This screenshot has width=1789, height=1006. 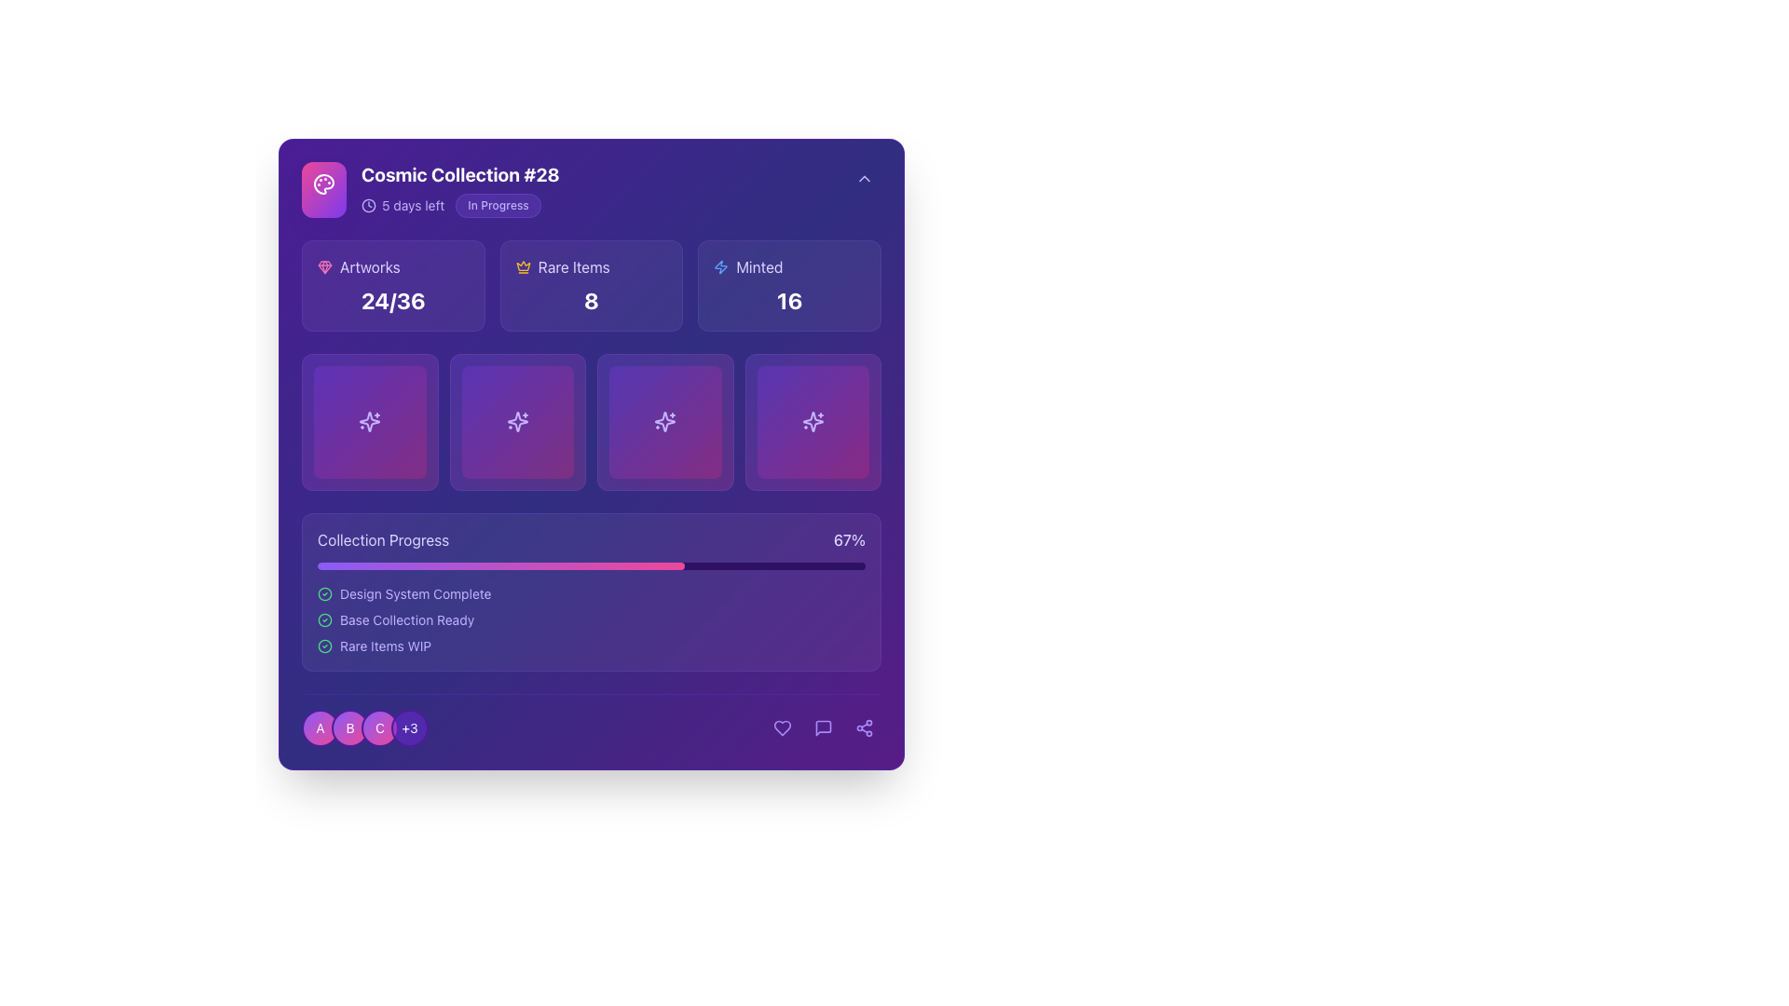 I want to click on the sparkles icon located in the third slot of the grid of square containers, which features a star shape with surrounding sparkles and has soft purple tones, so click(x=665, y=422).